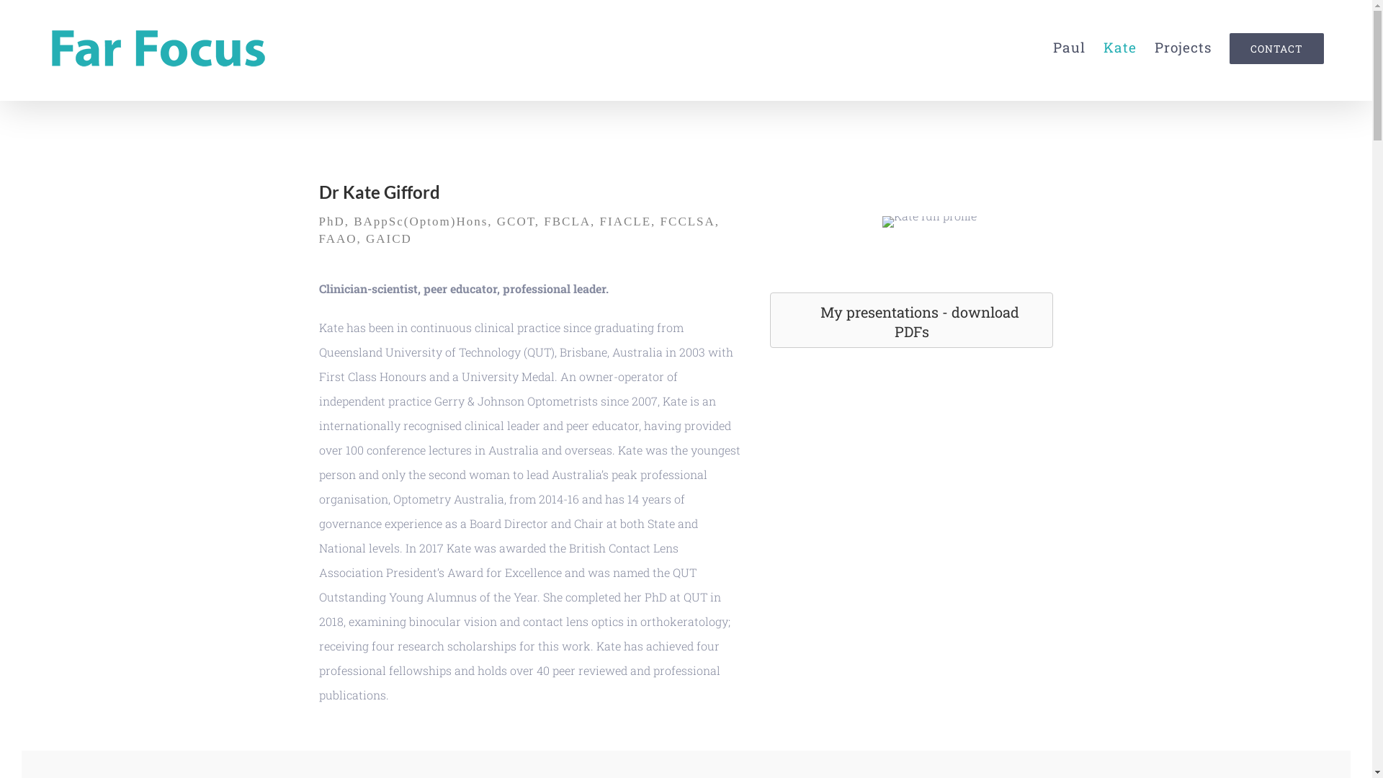  I want to click on 'CONTACT', so click(1276, 46).